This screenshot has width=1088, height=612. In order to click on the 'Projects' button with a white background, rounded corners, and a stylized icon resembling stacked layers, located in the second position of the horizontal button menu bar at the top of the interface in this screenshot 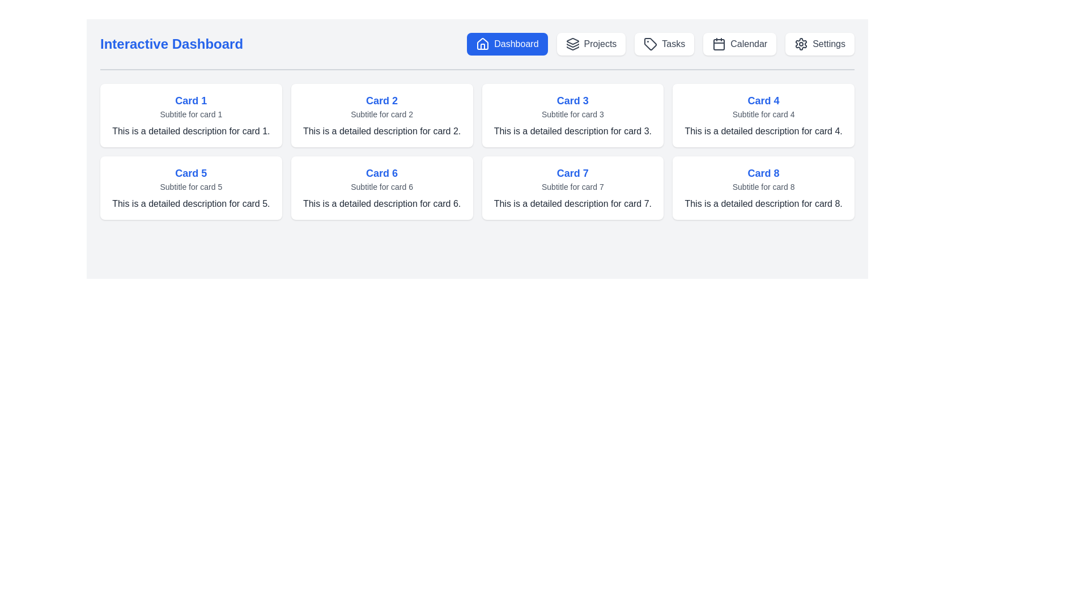, I will do `click(590, 43)`.